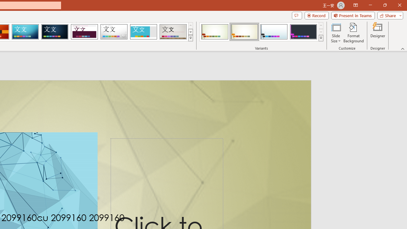 Image resolution: width=407 pixels, height=229 pixels. What do you see at coordinates (25, 32) in the screenshot?
I see `'Circuit Loading Preview...'` at bounding box center [25, 32].